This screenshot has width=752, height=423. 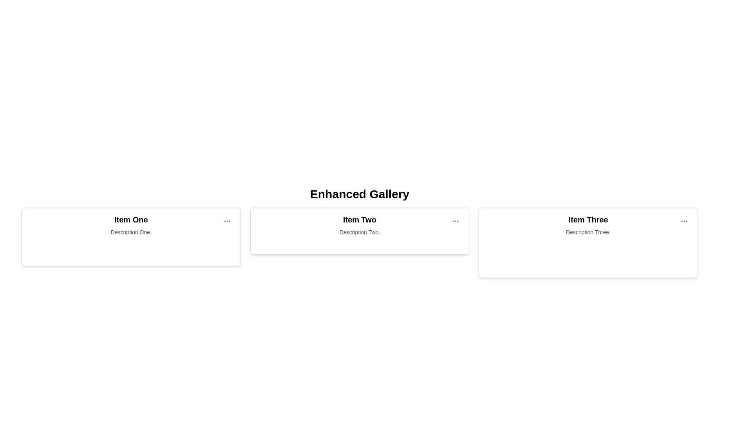 I want to click on description text located in the card section under the heading 'Item One', just above the three-dot menu icon, so click(x=131, y=232).